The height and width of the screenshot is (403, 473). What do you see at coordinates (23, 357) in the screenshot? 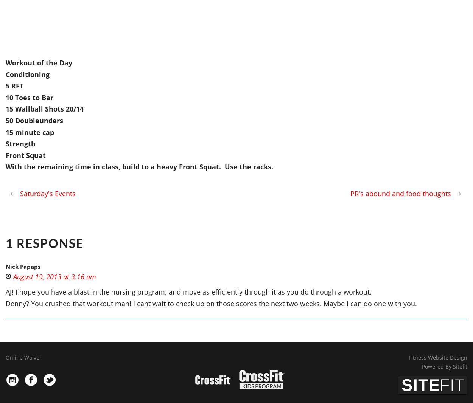
I see `'Online Waiver'` at bounding box center [23, 357].